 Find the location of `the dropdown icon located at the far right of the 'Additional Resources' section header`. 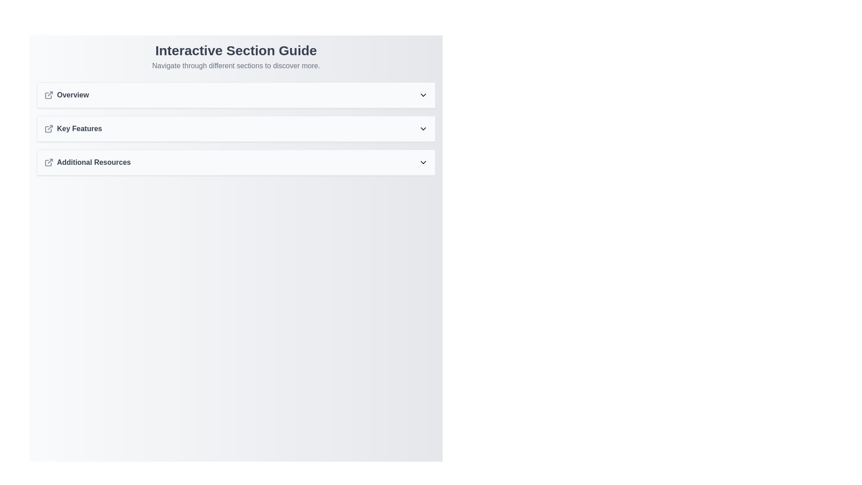

the dropdown icon located at the far right of the 'Additional Resources' section header is located at coordinates (422, 163).